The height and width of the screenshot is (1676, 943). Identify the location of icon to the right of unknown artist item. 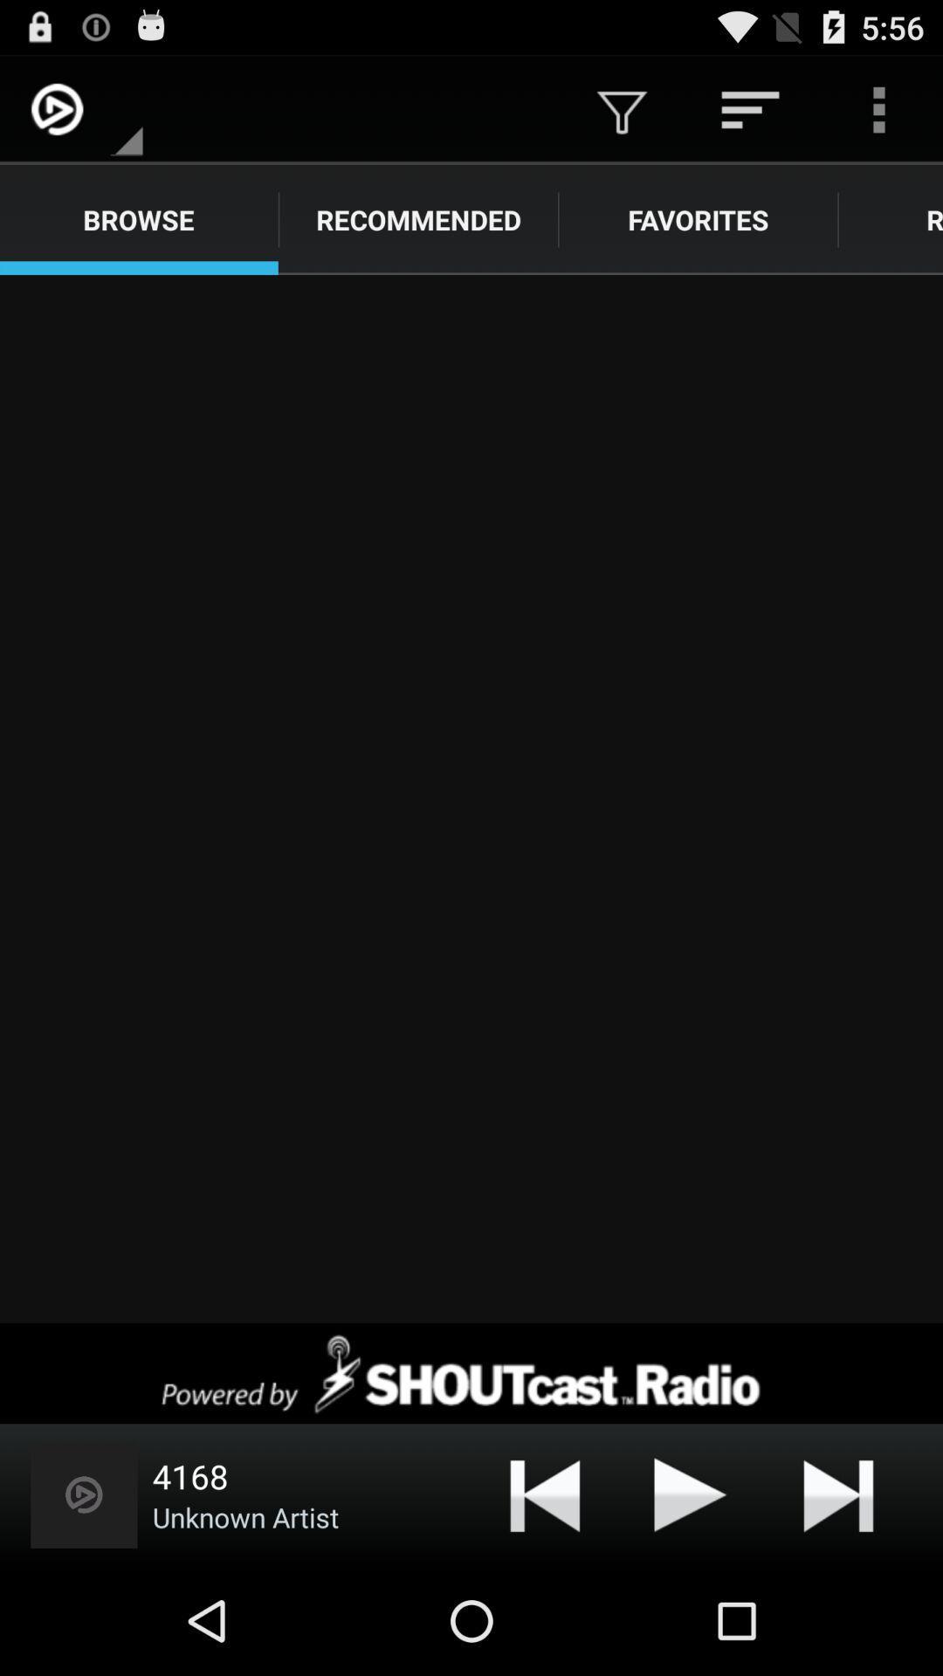
(544, 1494).